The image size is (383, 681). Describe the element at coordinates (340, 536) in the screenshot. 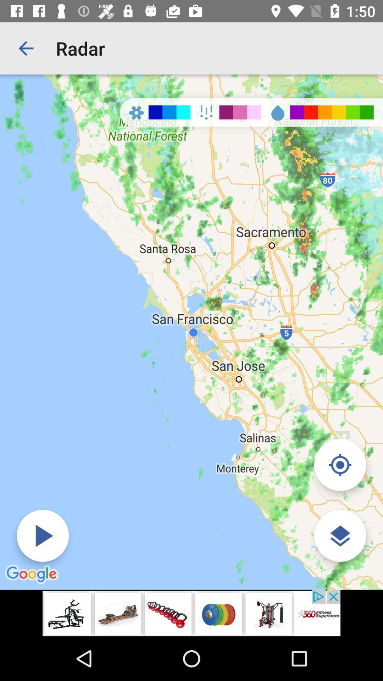

I see `map options` at that location.